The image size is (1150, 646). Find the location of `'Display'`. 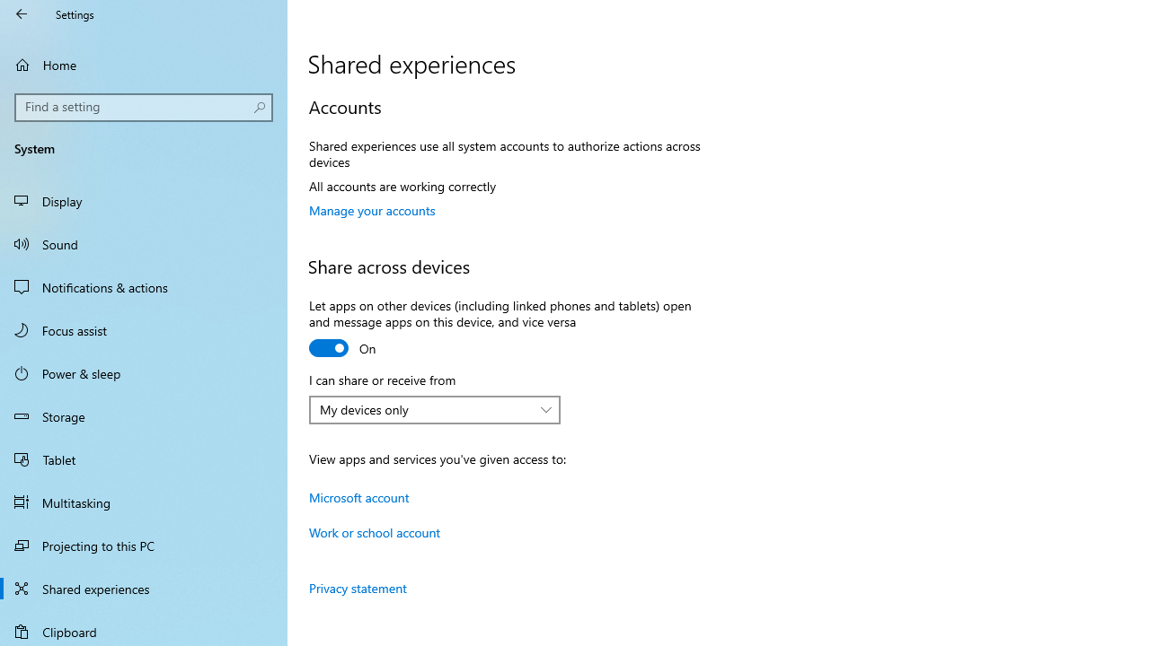

'Display' is located at coordinates (144, 200).